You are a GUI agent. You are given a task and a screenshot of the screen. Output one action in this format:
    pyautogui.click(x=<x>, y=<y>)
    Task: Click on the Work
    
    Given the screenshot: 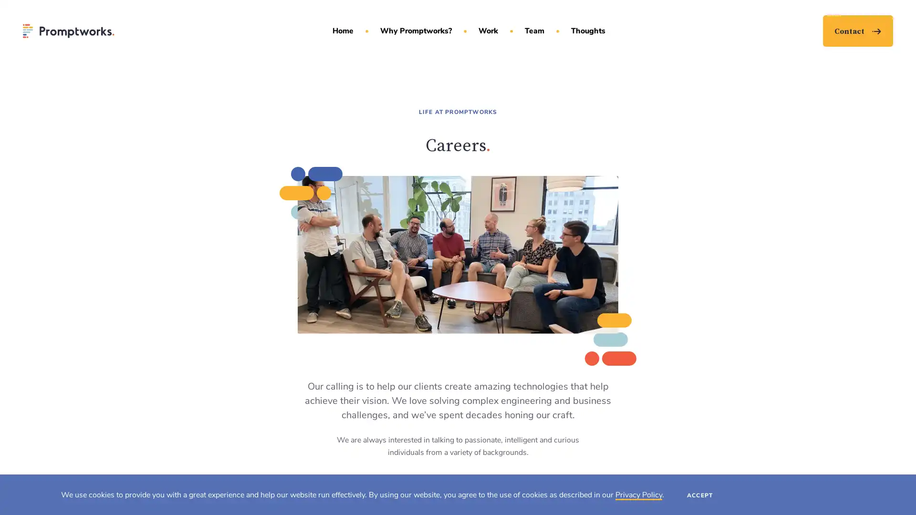 What is the action you would take?
    pyautogui.click(x=488, y=31)
    